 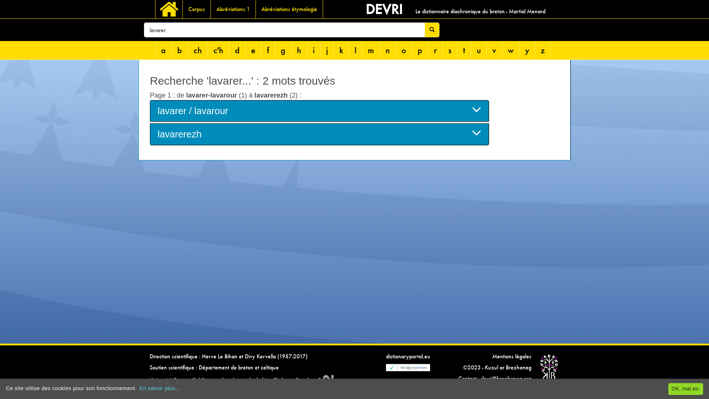 I want to click on 'm', so click(x=371, y=50).